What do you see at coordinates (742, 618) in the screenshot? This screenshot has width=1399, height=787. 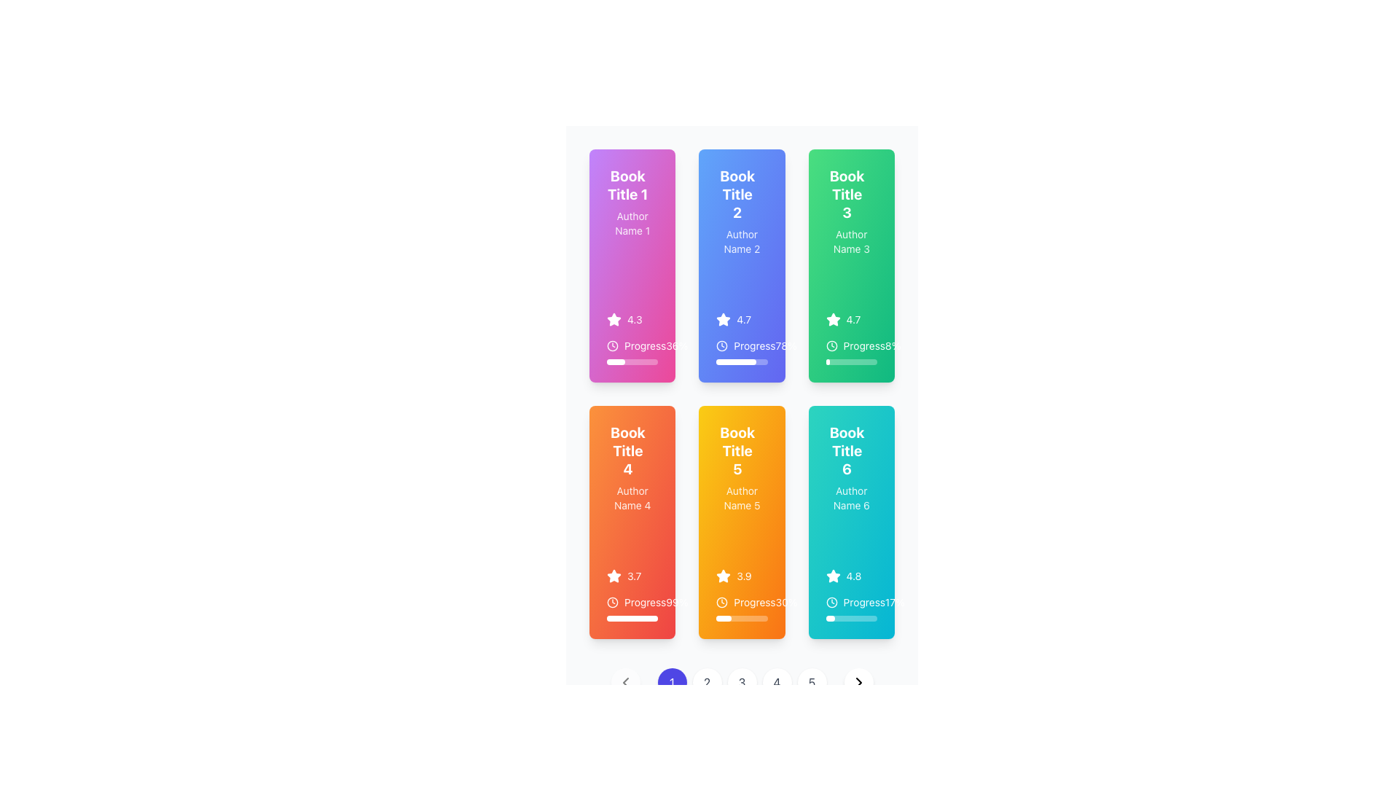 I see `the progress bar located within the fifth card in the grid, which has a white background with a translucent foreground and is situated below the text displaying 'Progress30%'` at bounding box center [742, 618].